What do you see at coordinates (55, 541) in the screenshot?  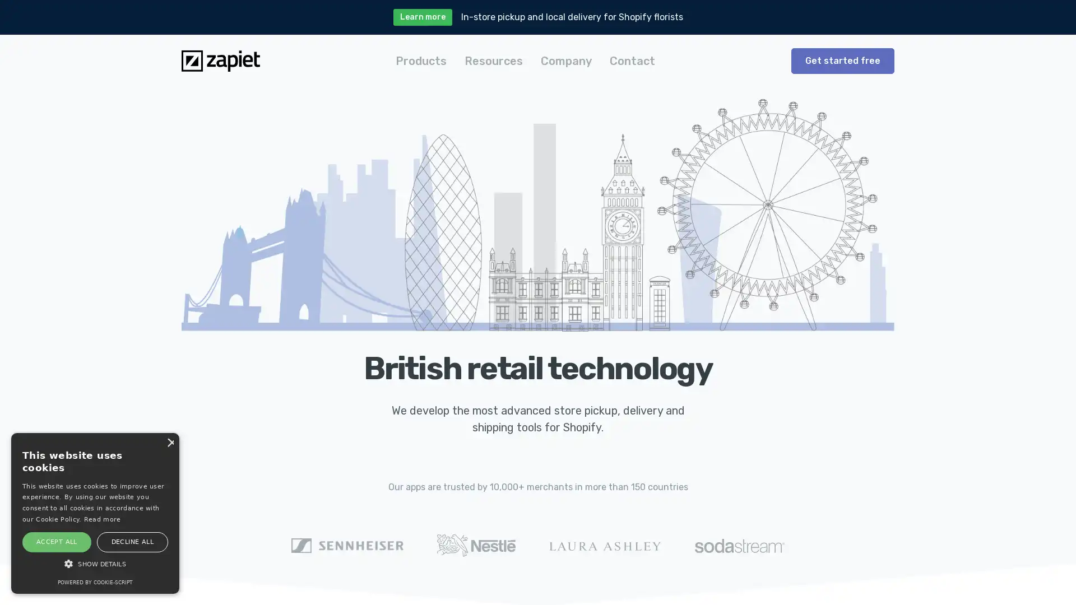 I see `ACCEPT ALL` at bounding box center [55, 541].